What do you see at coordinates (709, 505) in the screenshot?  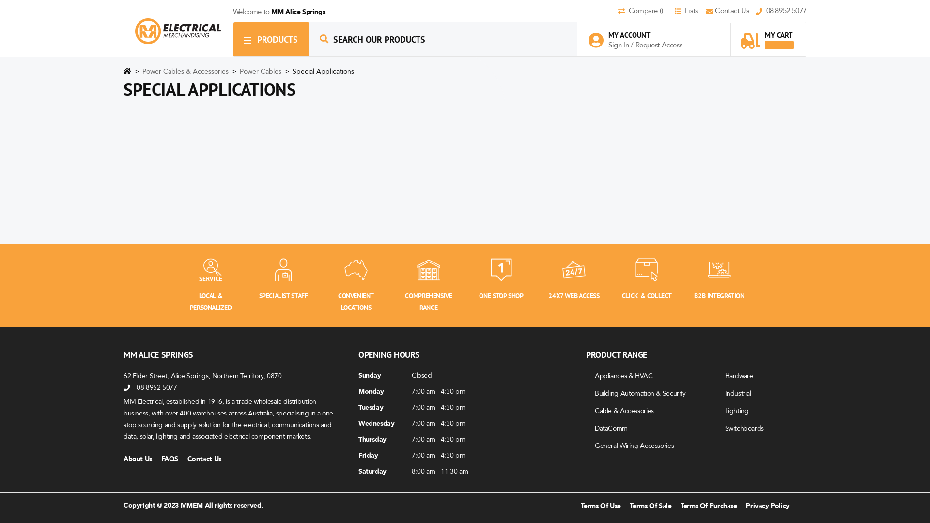 I see `'Terms Of Purchase'` at bounding box center [709, 505].